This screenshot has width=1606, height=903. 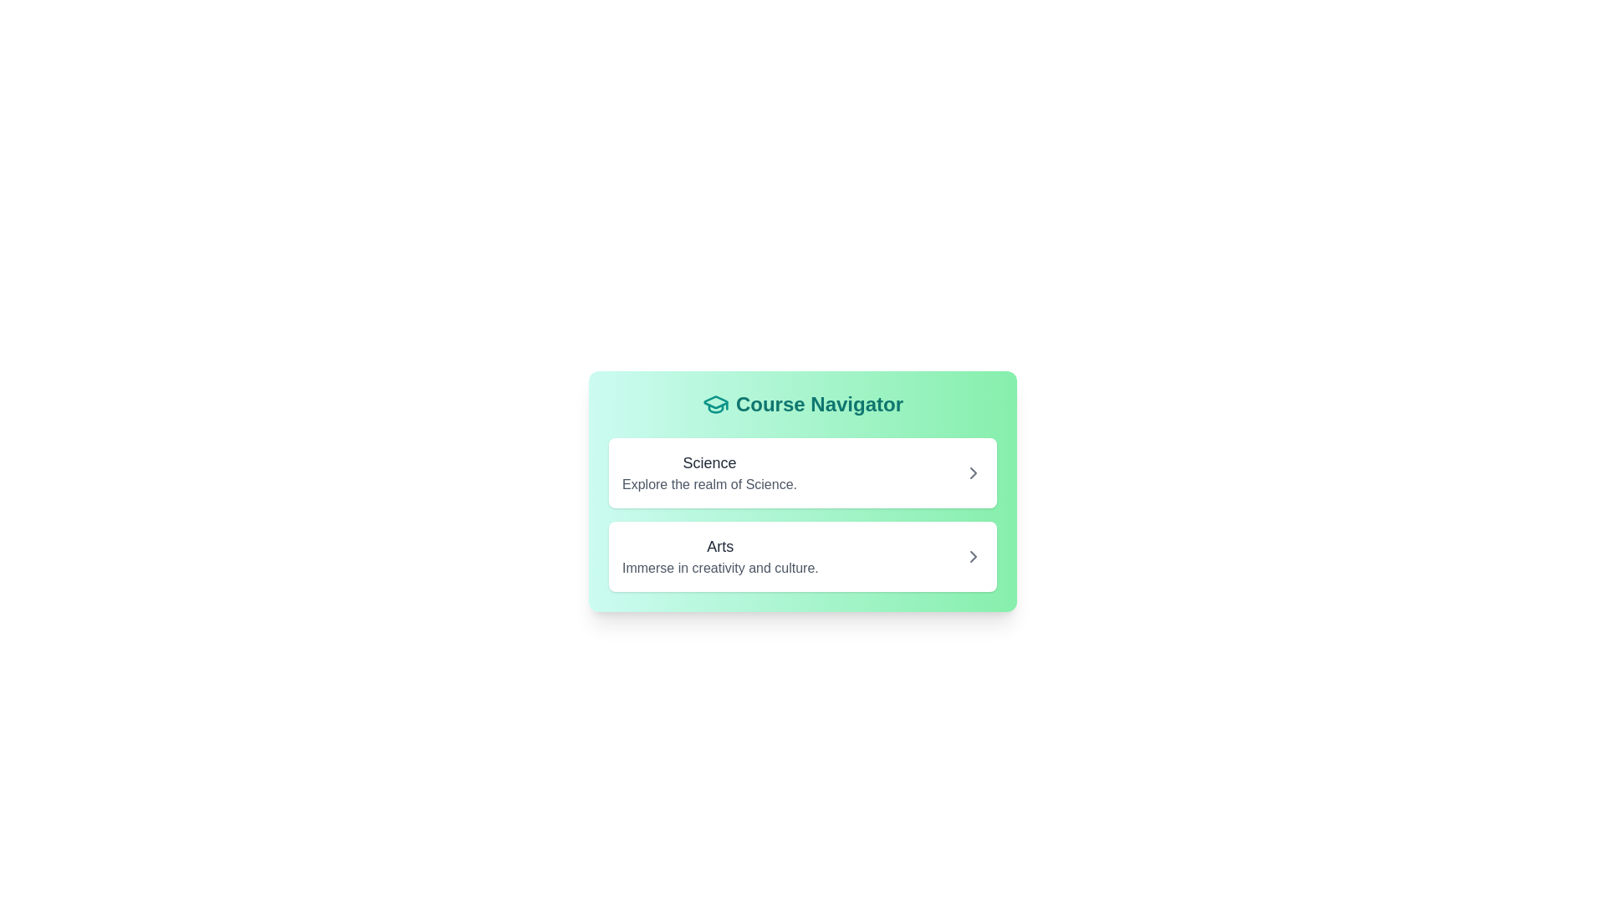 What do you see at coordinates (709, 463) in the screenshot?
I see `the Science category title text label in the Course Navigator, which is centrally positioned within a green card and above the description 'Explore the realm of Science.'` at bounding box center [709, 463].